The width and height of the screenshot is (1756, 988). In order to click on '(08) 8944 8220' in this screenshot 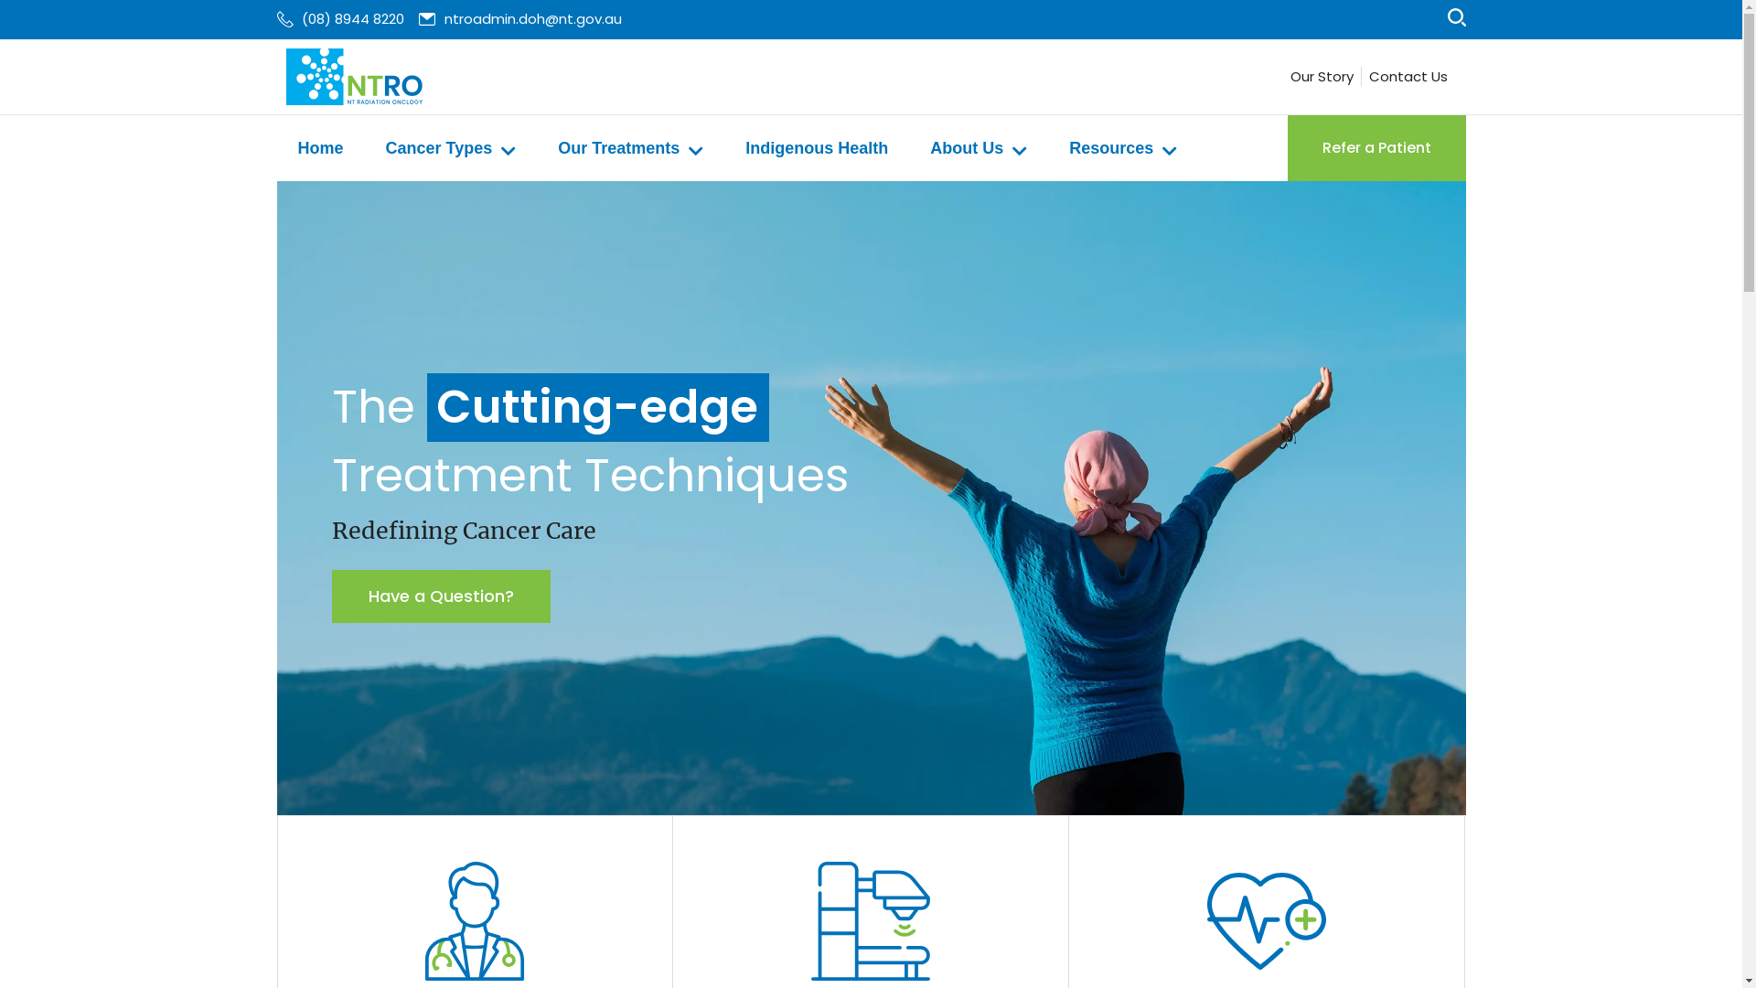, I will do `click(339, 19)`.